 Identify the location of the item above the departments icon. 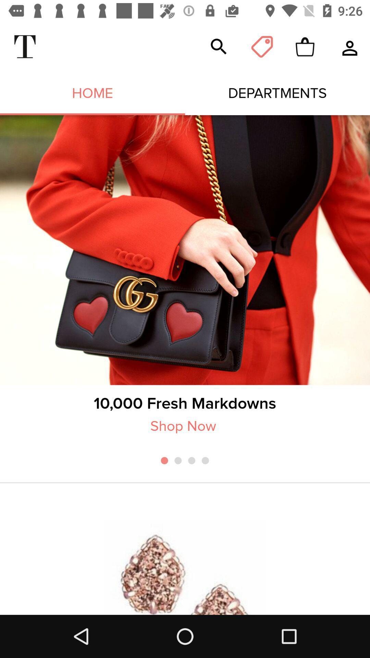
(219, 46).